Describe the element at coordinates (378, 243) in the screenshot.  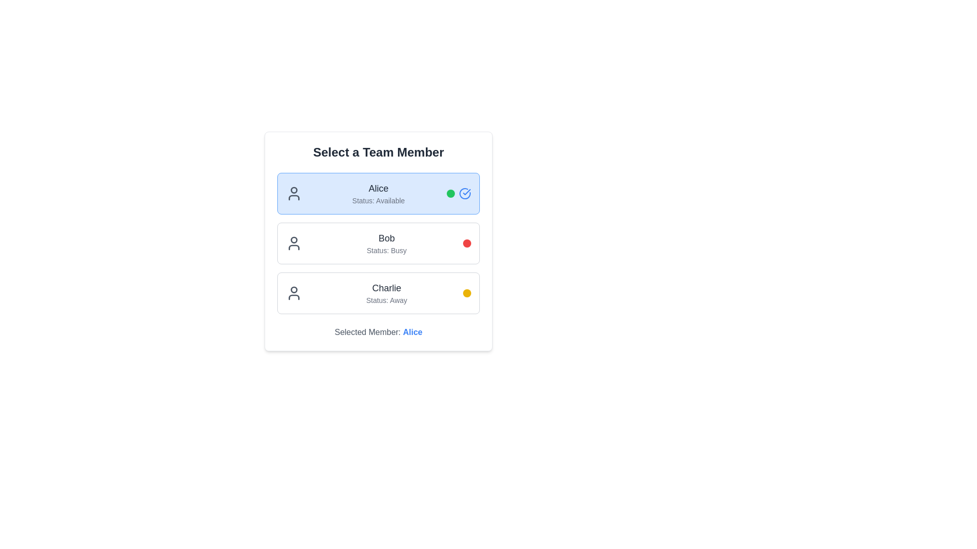
I see `the Selectable Button Panel representing team member 'Bob', which indicates their availability status as 'Busy'` at that location.